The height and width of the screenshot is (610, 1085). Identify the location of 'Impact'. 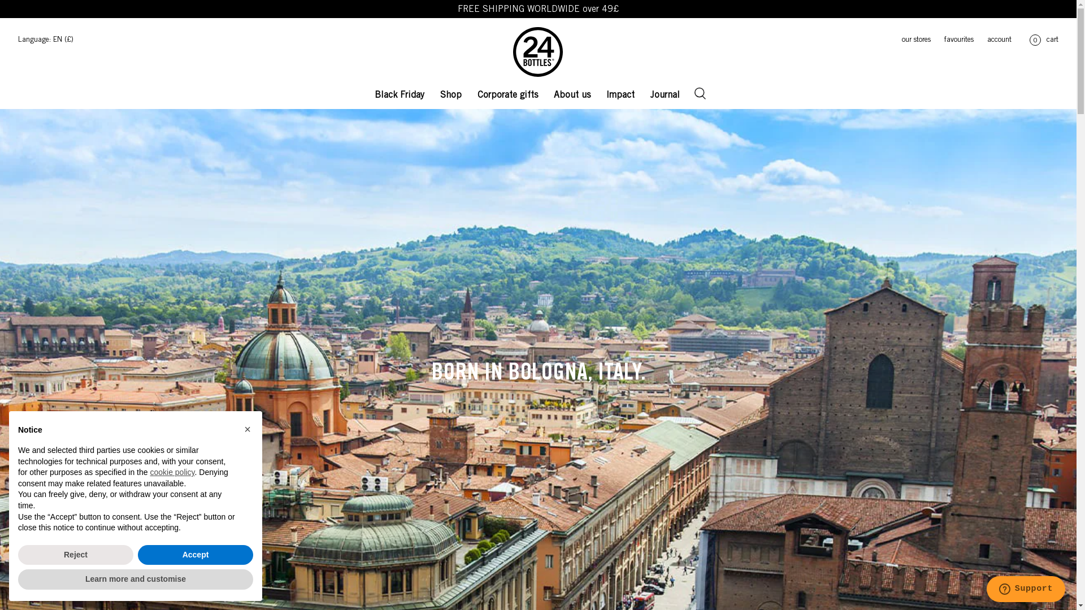
(620, 92).